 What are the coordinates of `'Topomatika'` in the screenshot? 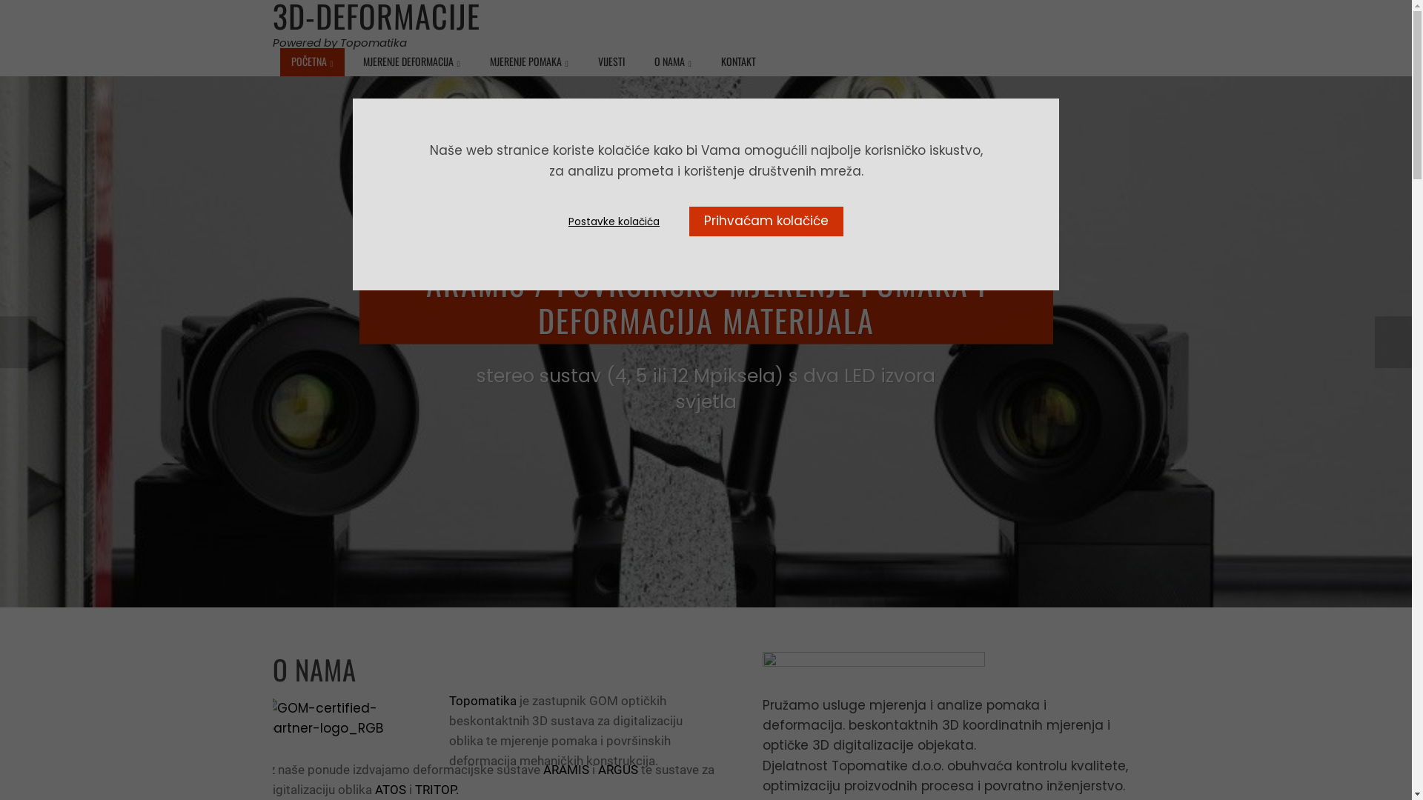 It's located at (448, 700).